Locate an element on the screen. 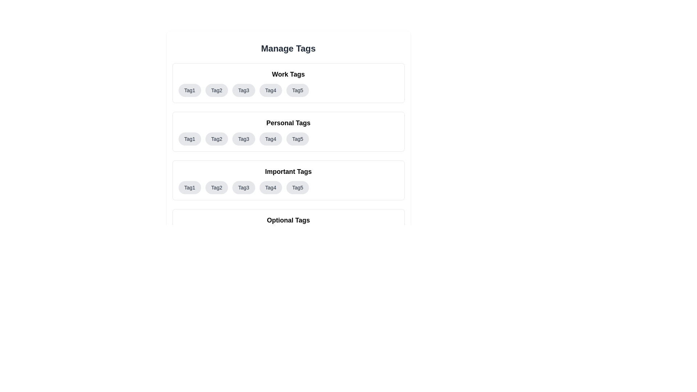 The image size is (697, 392). the 'Tag3' button, which is a rounded rectangular button with a light gray background and dark gray text, located in the third row of the 'Important Tags' group is located at coordinates (244, 187).